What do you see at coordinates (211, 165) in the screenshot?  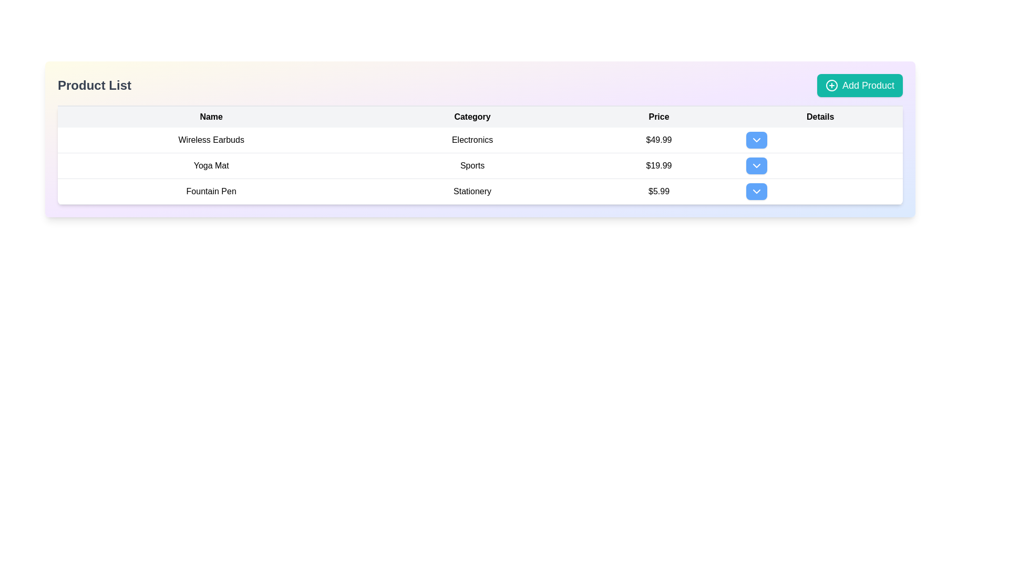 I see `the Text Label that is a descriptor for a product item in the second row of the 'Product List' table under the 'Name' column` at bounding box center [211, 165].